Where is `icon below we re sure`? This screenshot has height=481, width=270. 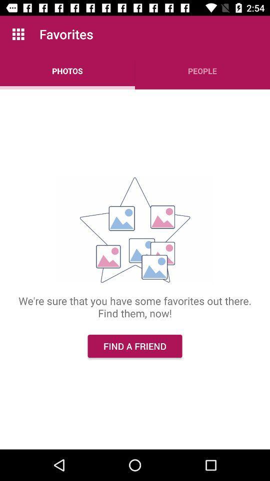
icon below we re sure is located at coordinates (135, 346).